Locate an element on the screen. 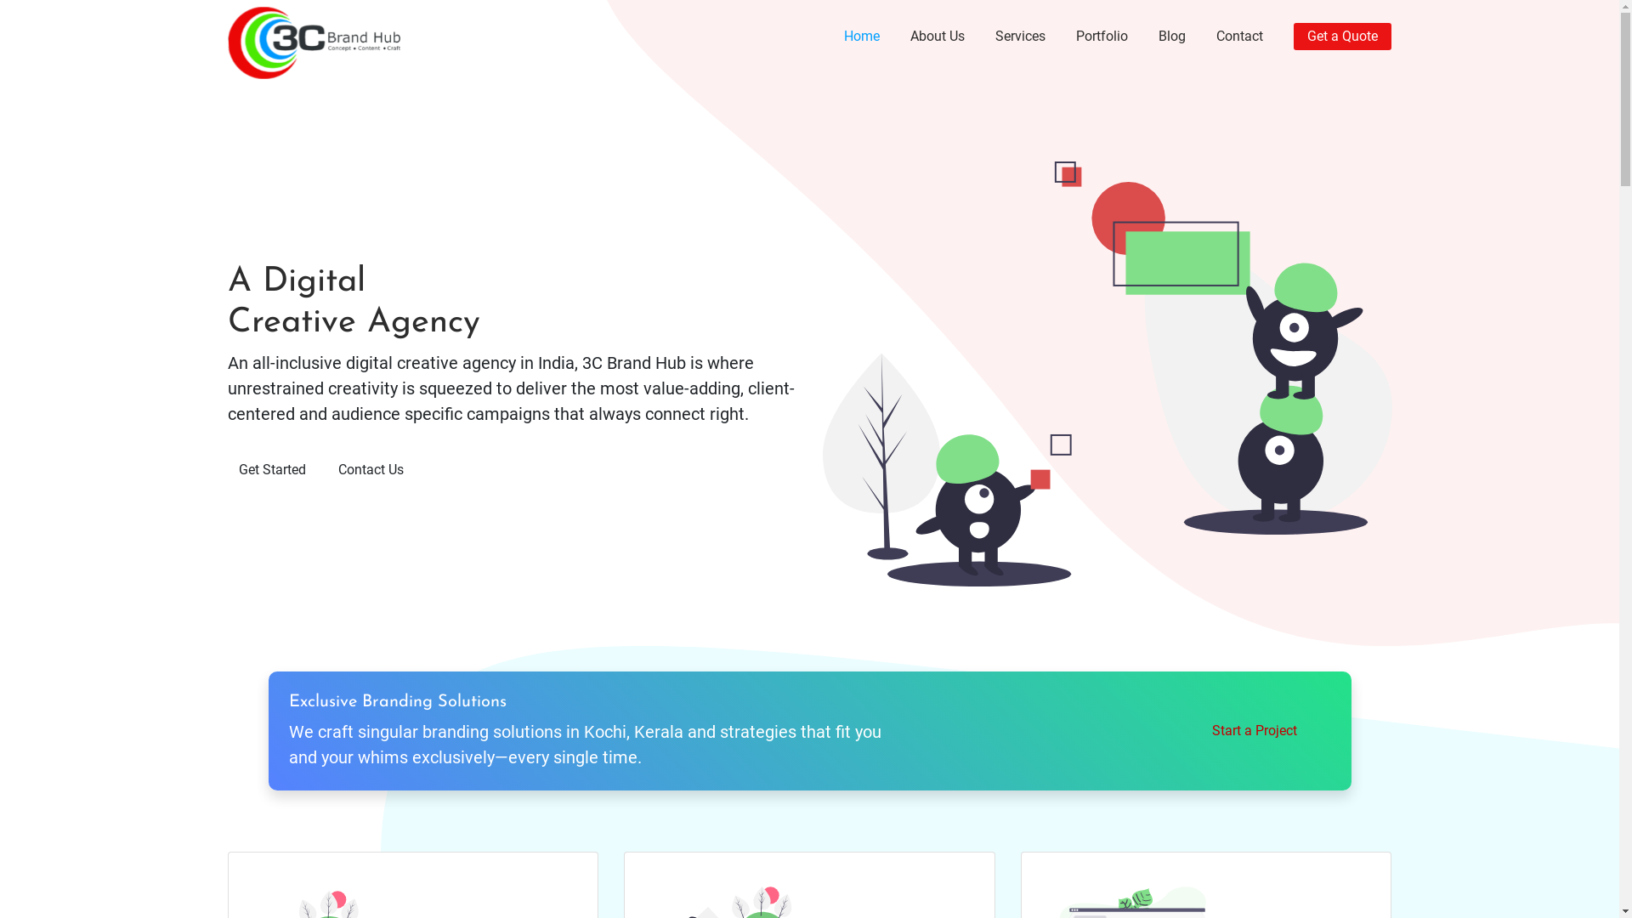  'Get Started' is located at coordinates (227, 469).